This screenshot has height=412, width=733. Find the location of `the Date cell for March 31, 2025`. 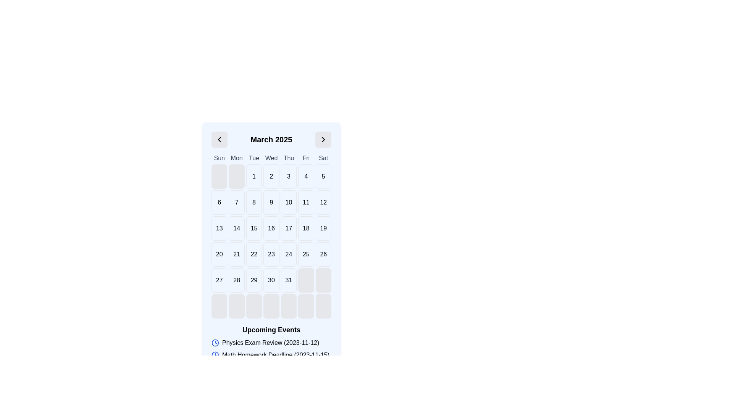

the Date cell for March 31, 2025 is located at coordinates (288, 280).